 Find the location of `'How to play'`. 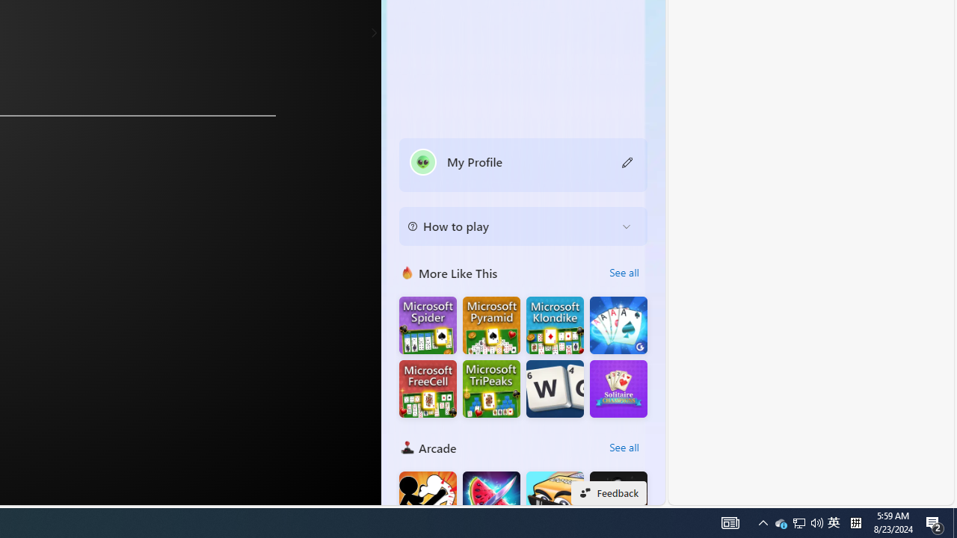

'How to play' is located at coordinates (511, 226).